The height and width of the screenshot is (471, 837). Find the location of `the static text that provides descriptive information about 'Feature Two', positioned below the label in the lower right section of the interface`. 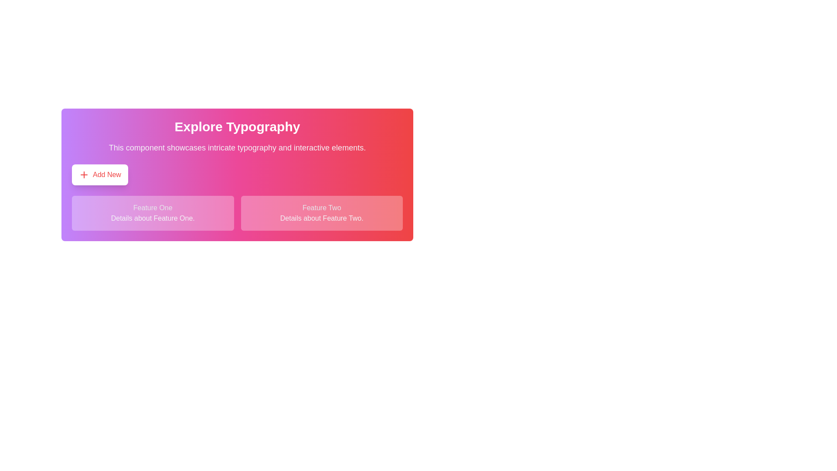

the static text that provides descriptive information about 'Feature Two', positioned below the label in the lower right section of the interface is located at coordinates (321, 218).